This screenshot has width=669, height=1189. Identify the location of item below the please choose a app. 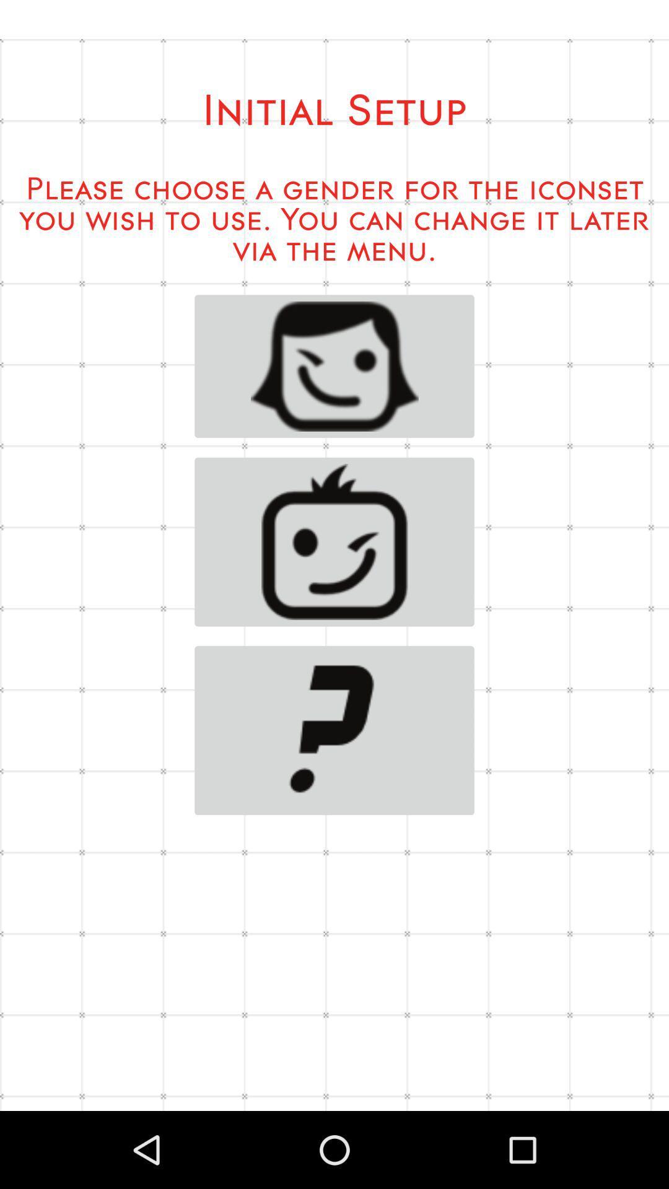
(334, 365).